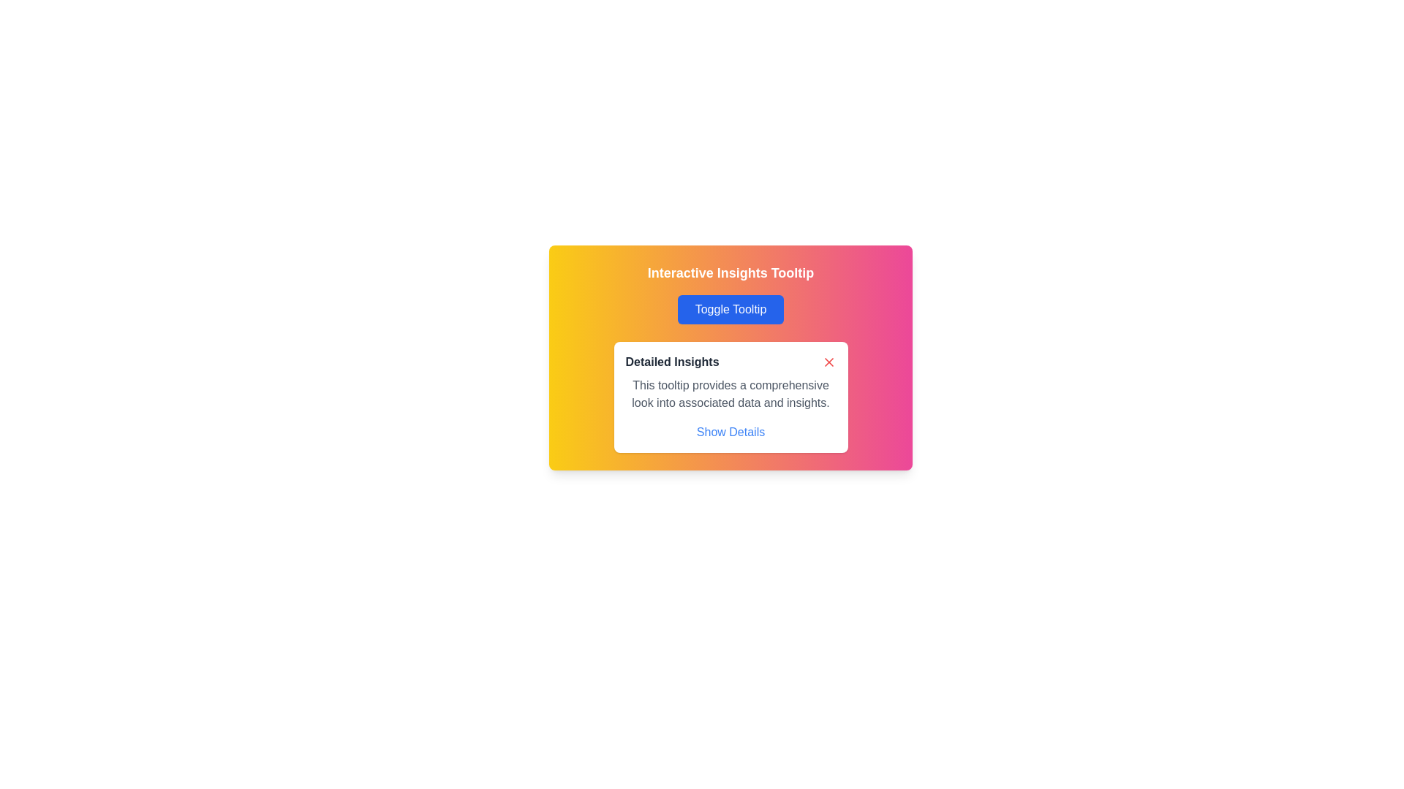  Describe the element at coordinates (829, 362) in the screenshot. I see `the red cross-shaped button located at the top-right corner of the 'Detailed Insights' card` at that location.